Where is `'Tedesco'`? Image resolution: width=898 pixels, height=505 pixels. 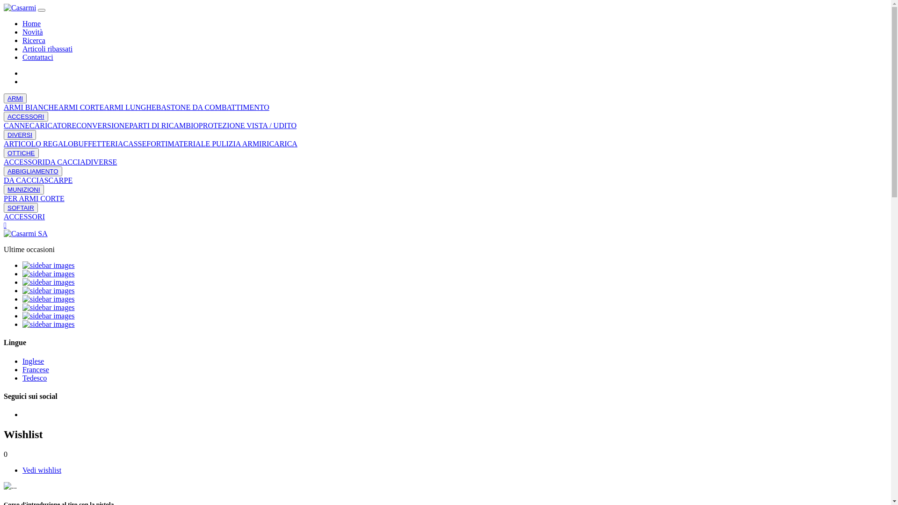 'Tedesco' is located at coordinates (34, 377).